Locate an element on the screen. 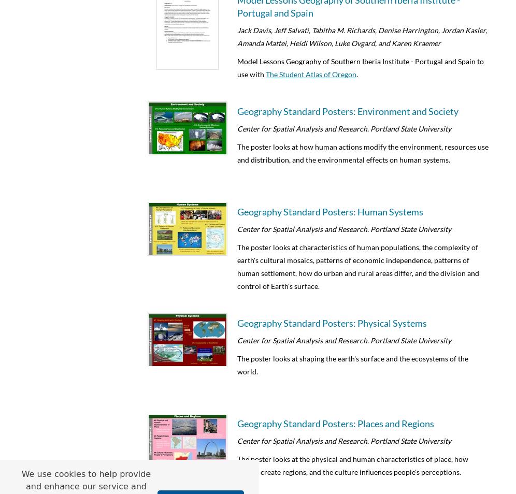 This screenshot has height=494, width=516. 'The poster looks at the physical and human characteristics of place, how people create regions, and the culture influences people's perceptions.' is located at coordinates (352, 465).